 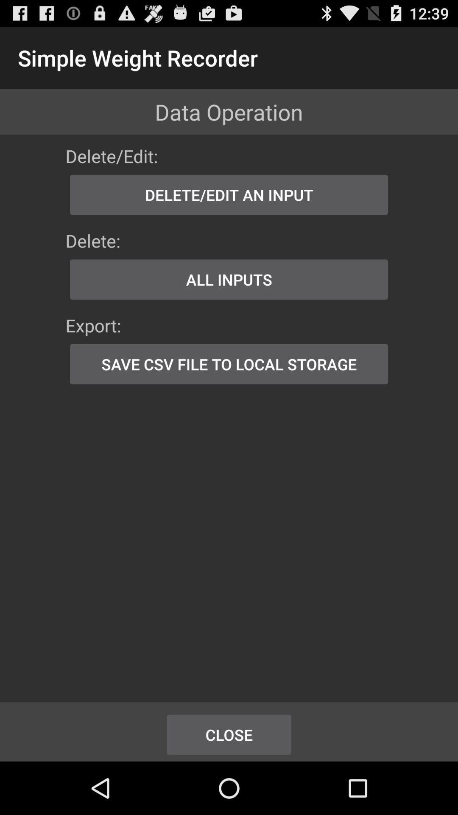 What do you see at coordinates (229, 279) in the screenshot?
I see `the all inputs` at bounding box center [229, 279].